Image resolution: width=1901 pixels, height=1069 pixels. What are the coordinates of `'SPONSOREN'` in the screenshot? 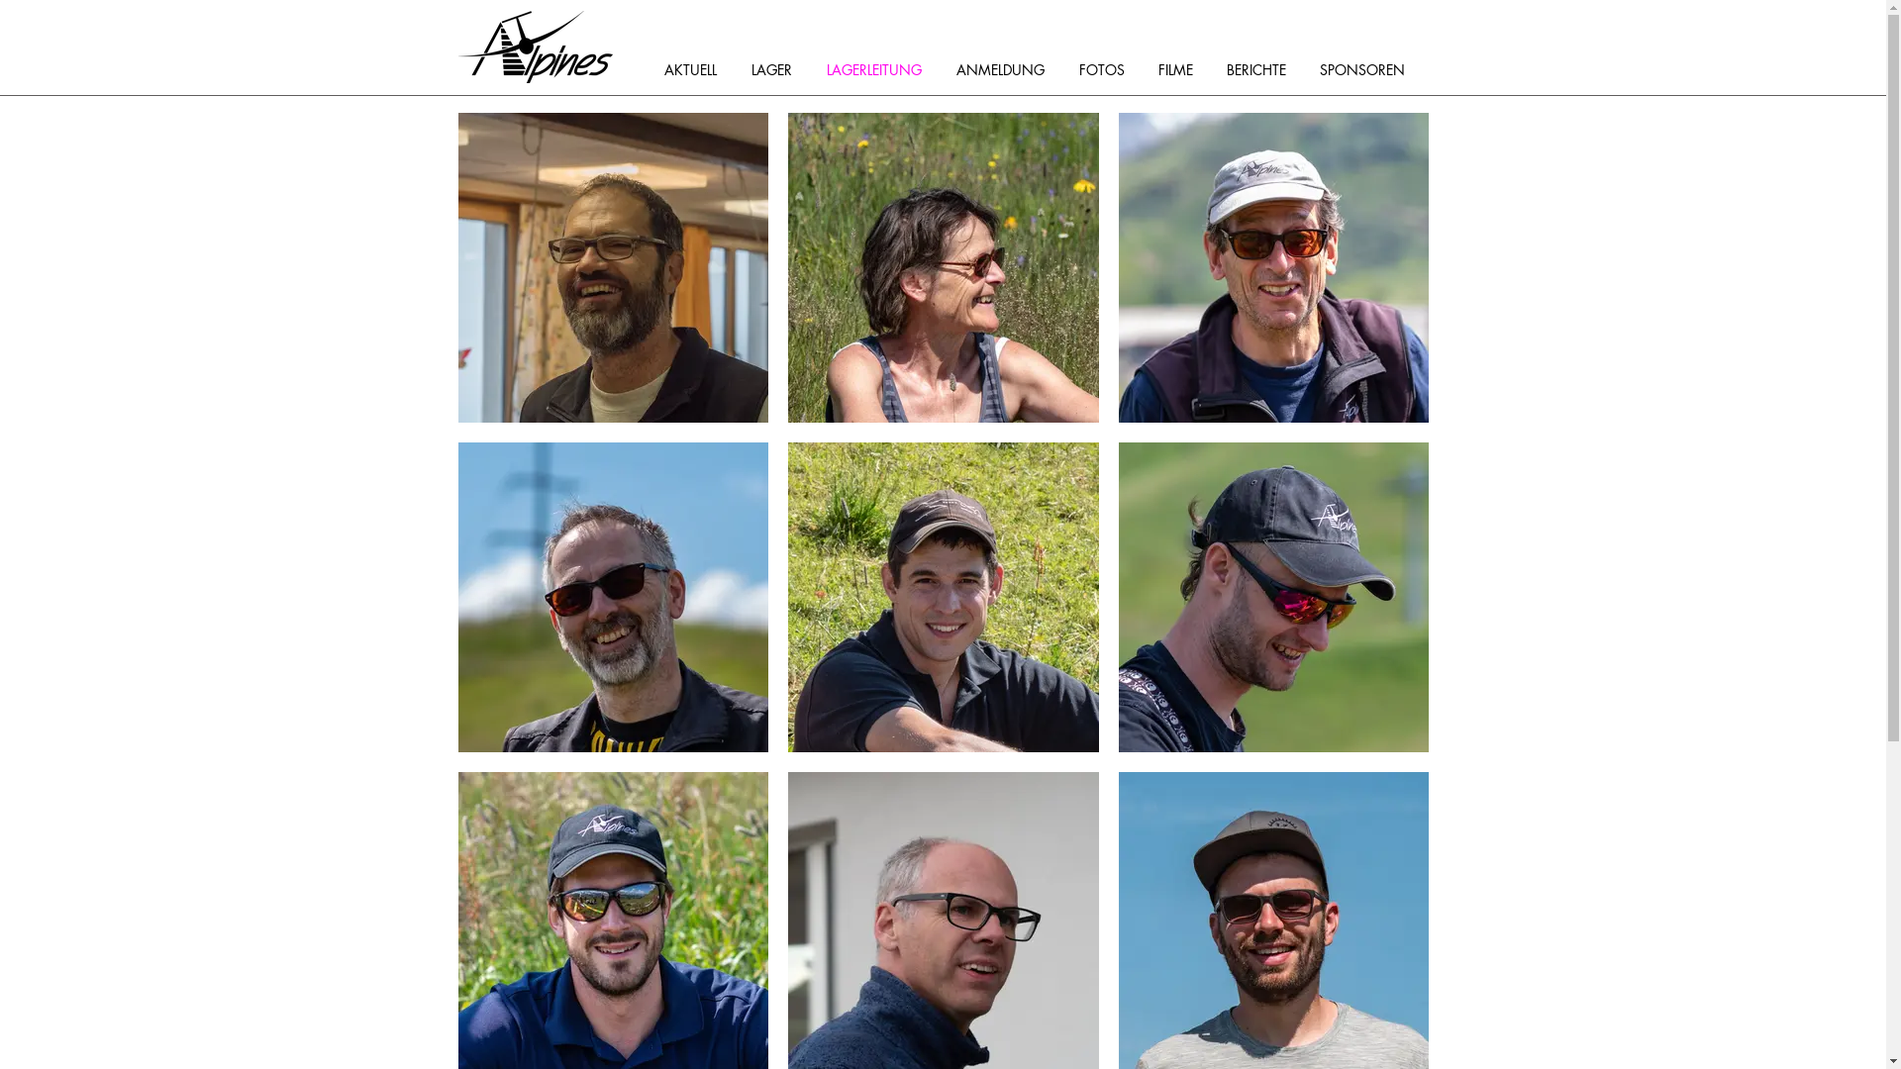 It's located at (1367, 68).